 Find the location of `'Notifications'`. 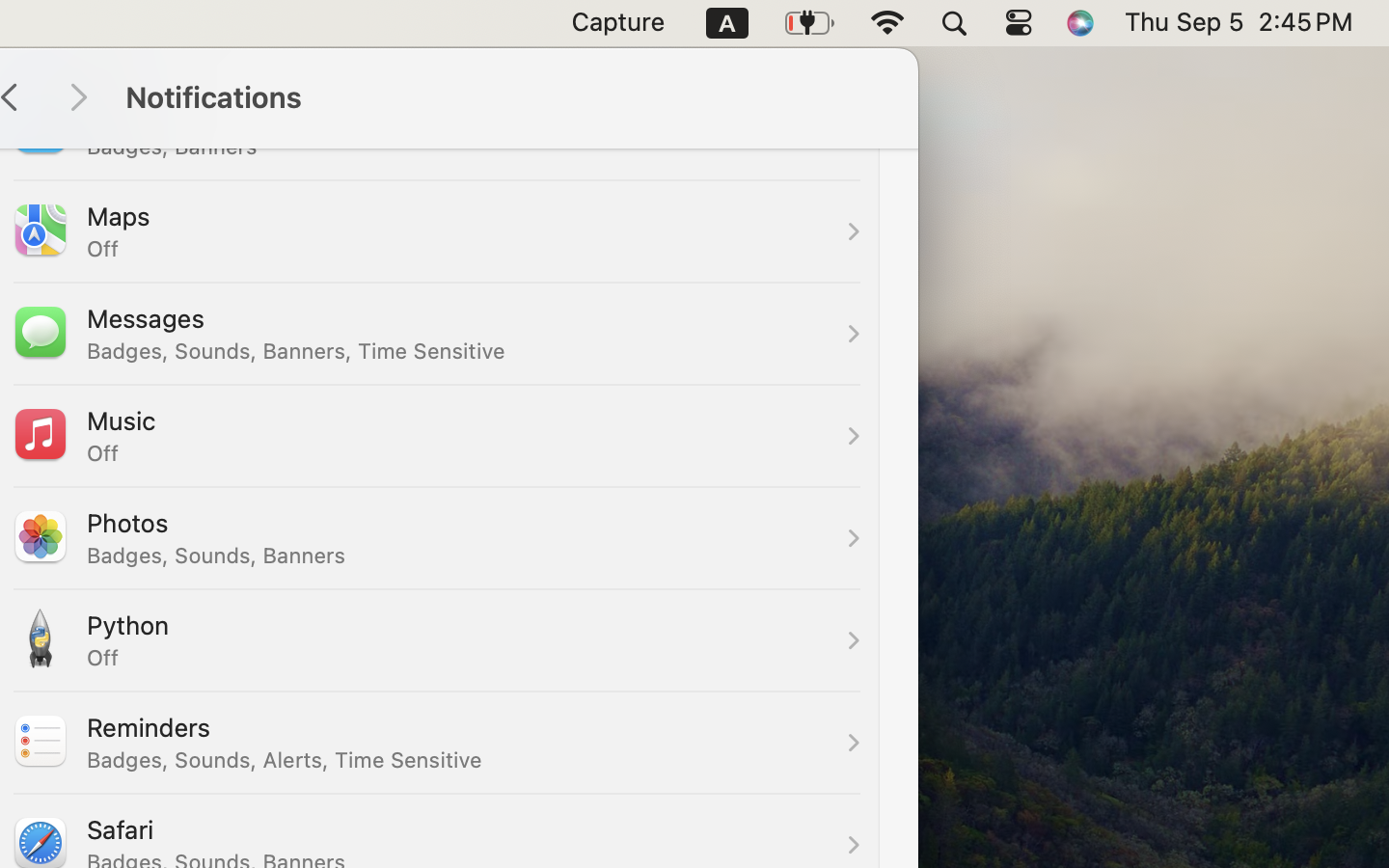

'Notifications' is located at coordinates (500, 96).